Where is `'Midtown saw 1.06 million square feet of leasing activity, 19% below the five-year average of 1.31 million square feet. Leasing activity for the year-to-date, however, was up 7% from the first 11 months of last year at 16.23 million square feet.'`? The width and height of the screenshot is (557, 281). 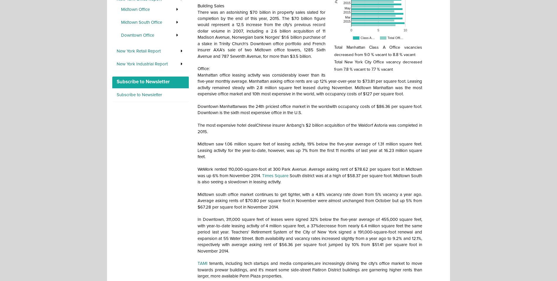 'Midtown saw 1.06 million square feet of leasing activity, 19% below the five-year average of 1.31 million square feet. Leasing activity for the year-to-date, however, was up 7% from the first 11 months of last year at 16.23 million square feet.' is located at coordinates (310, 150).